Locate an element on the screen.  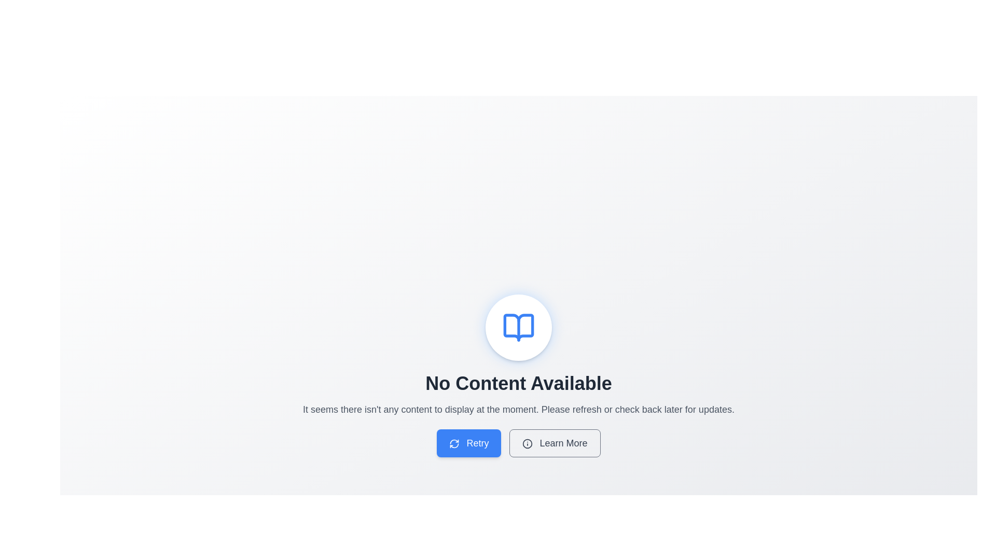
the blue 'Retry' button with rounded borders is located at coordinates (468, 443).